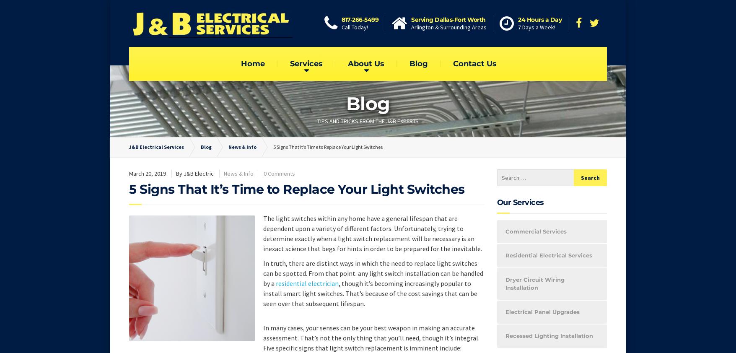 This screenshot has width=736, height=353. I want to click on 'Dryer Circuit Wiring Installation', so click(534, 283).